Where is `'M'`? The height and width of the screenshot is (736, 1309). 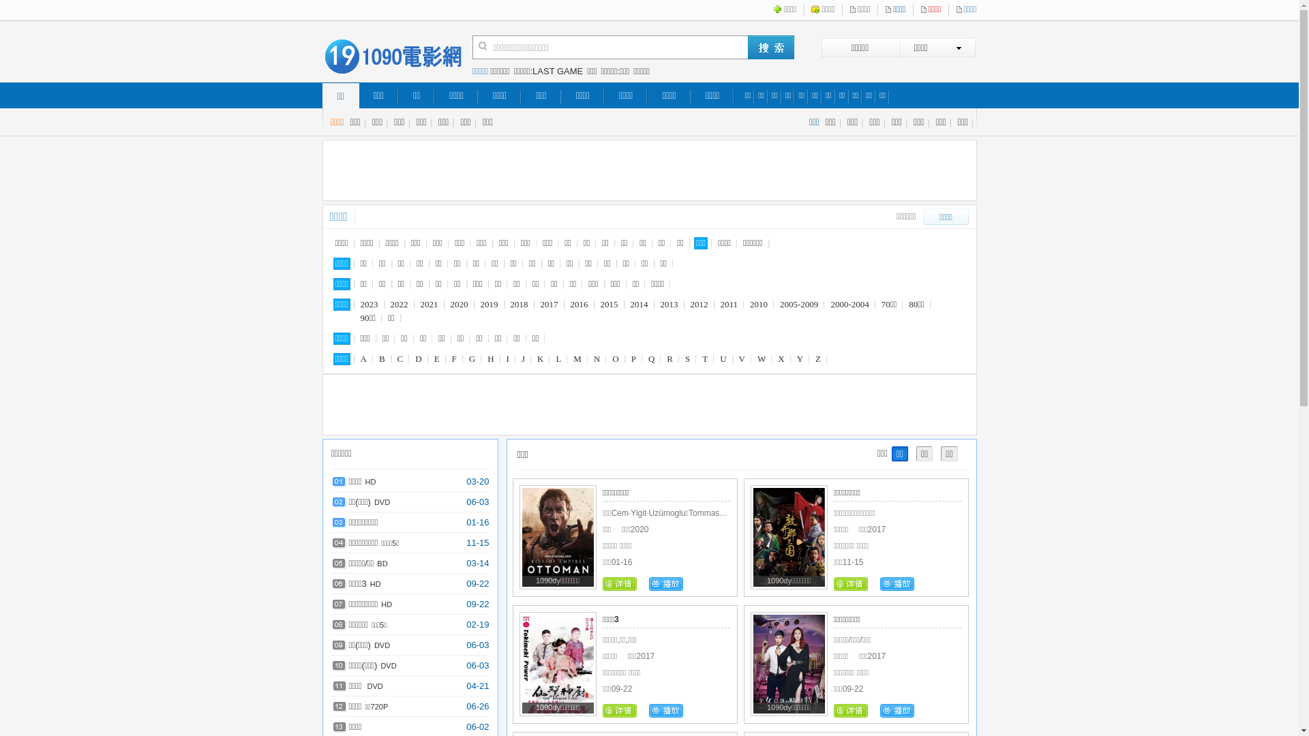
'M' is located at coordinates (571, 358).